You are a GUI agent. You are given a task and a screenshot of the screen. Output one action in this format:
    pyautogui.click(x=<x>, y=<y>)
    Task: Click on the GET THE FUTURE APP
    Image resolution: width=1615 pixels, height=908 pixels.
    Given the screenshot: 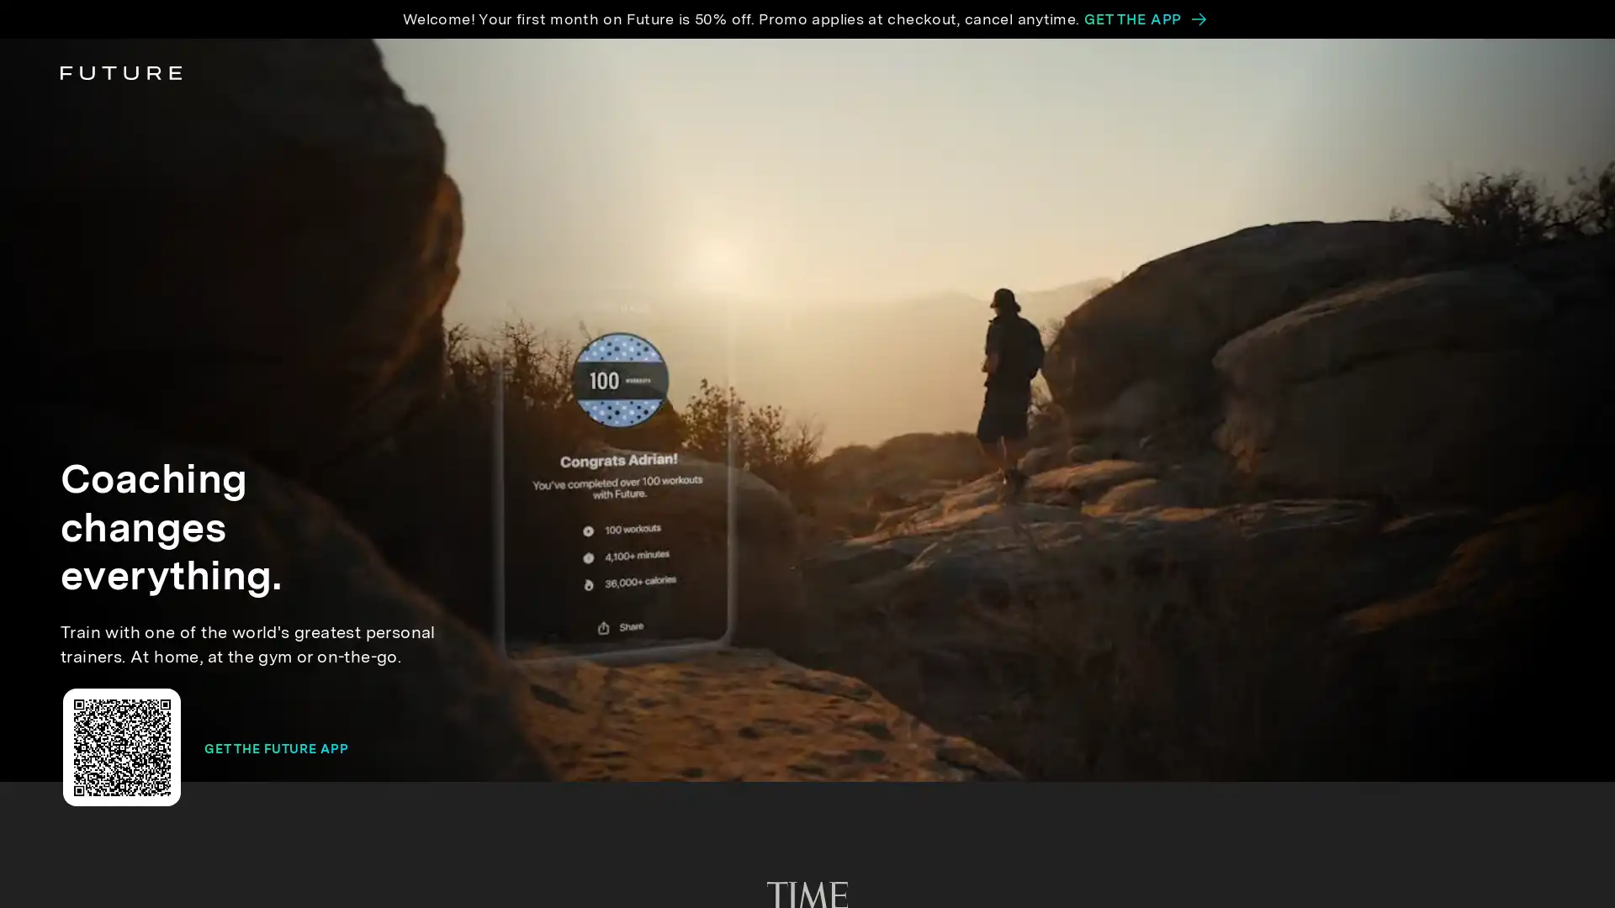 What is the action you would take?
    pyautogui.click(x=276, y=748)
    